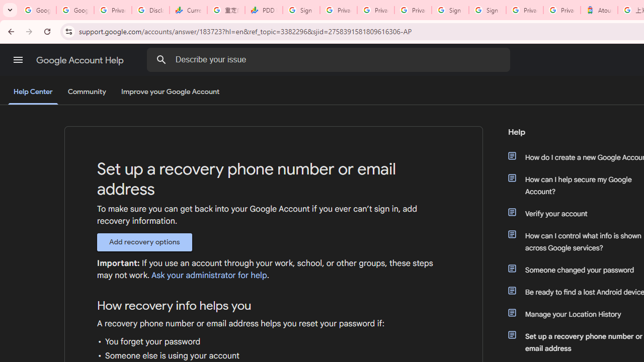 This screenshot has height=362, width=644. What do you see at coordinates (188, 10) in the screenshot?
I see `'Currencies - Google Finance'` at bounding box center [188, 10].